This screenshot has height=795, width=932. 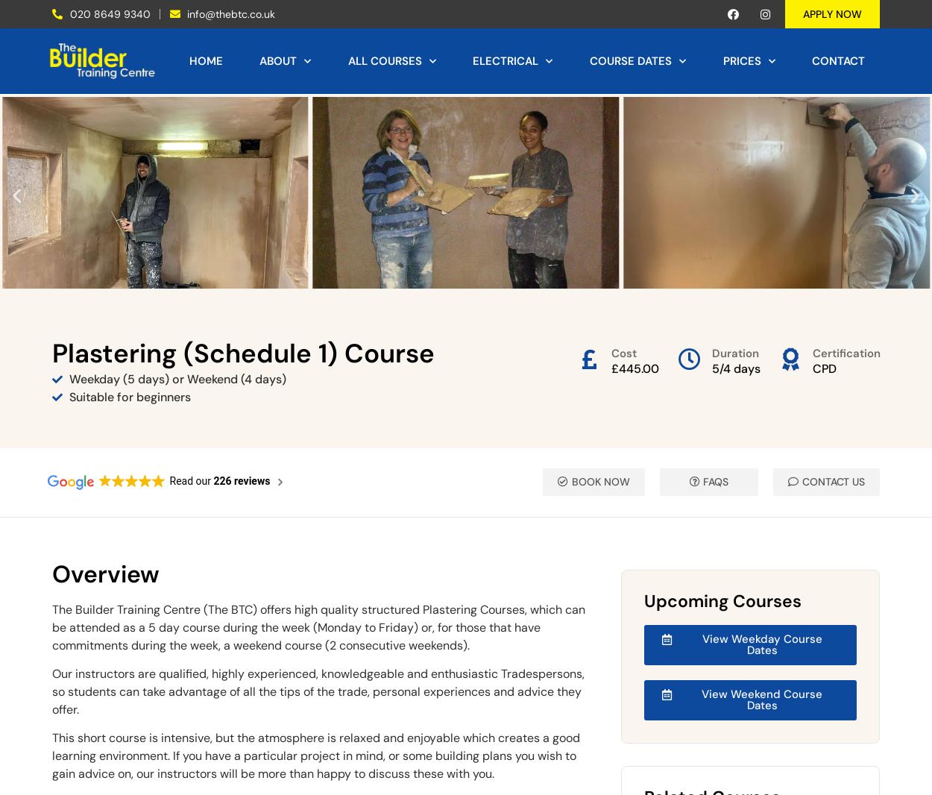 What do you see at coordinates (241, 479) in the screenshot?
I see `'226 reviews'` at bounding box center [241, 479].